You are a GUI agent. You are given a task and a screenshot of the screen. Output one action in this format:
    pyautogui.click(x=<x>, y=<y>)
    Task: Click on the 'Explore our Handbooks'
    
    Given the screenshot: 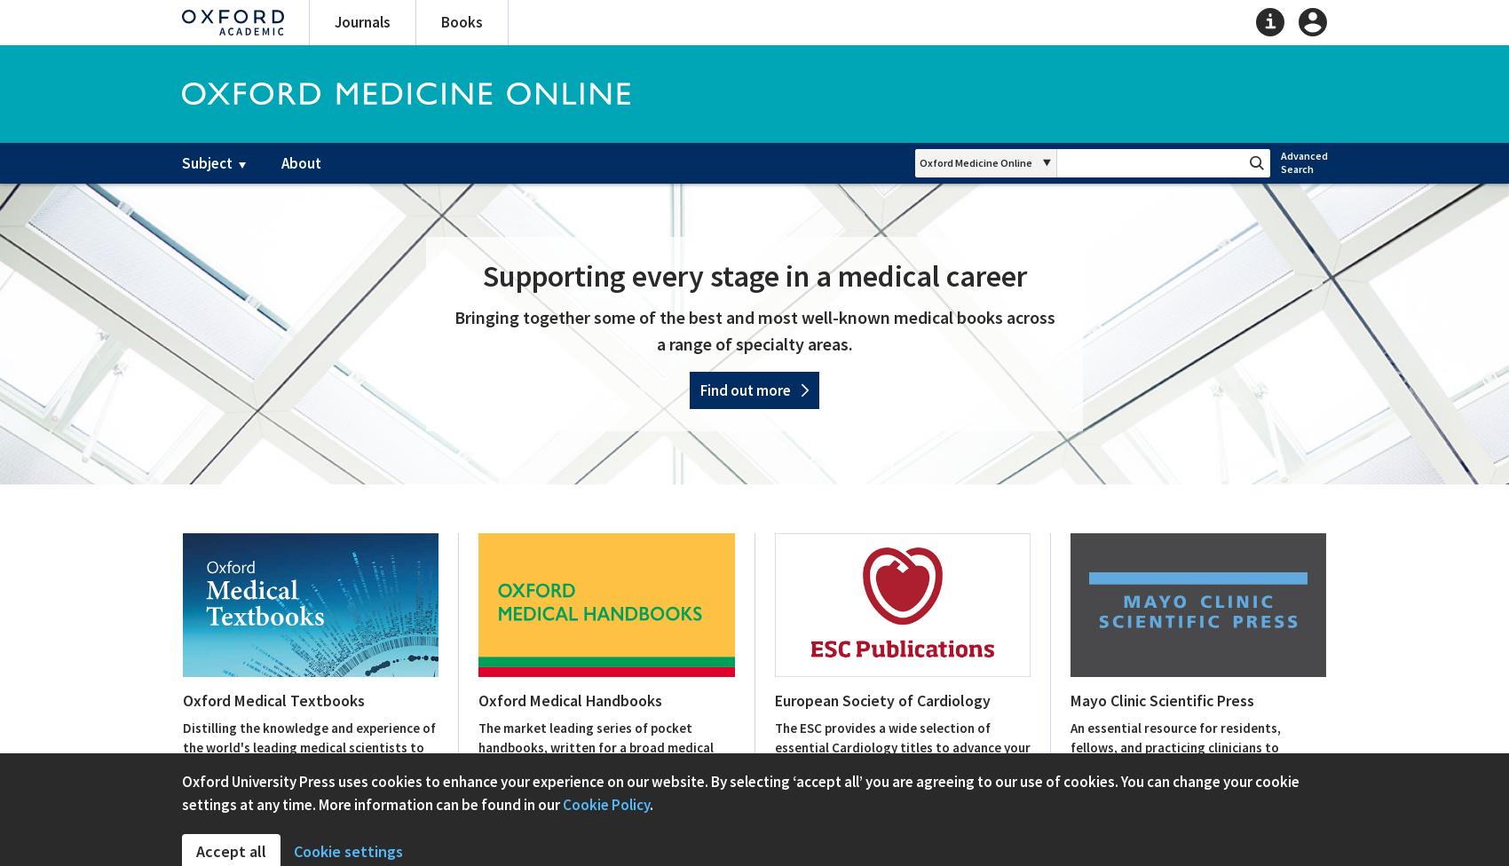 What is the action you would take?
    pyautogui.click(x=546, y=853)
    